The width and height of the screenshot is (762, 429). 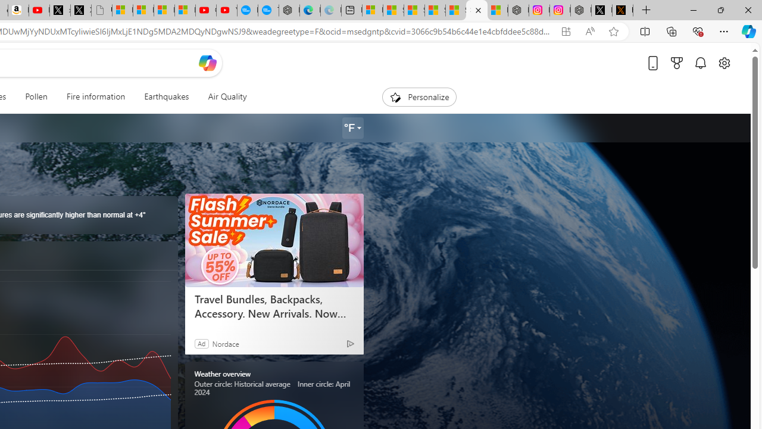 I want to click on 'Personalize', so click(x=419, y=97).